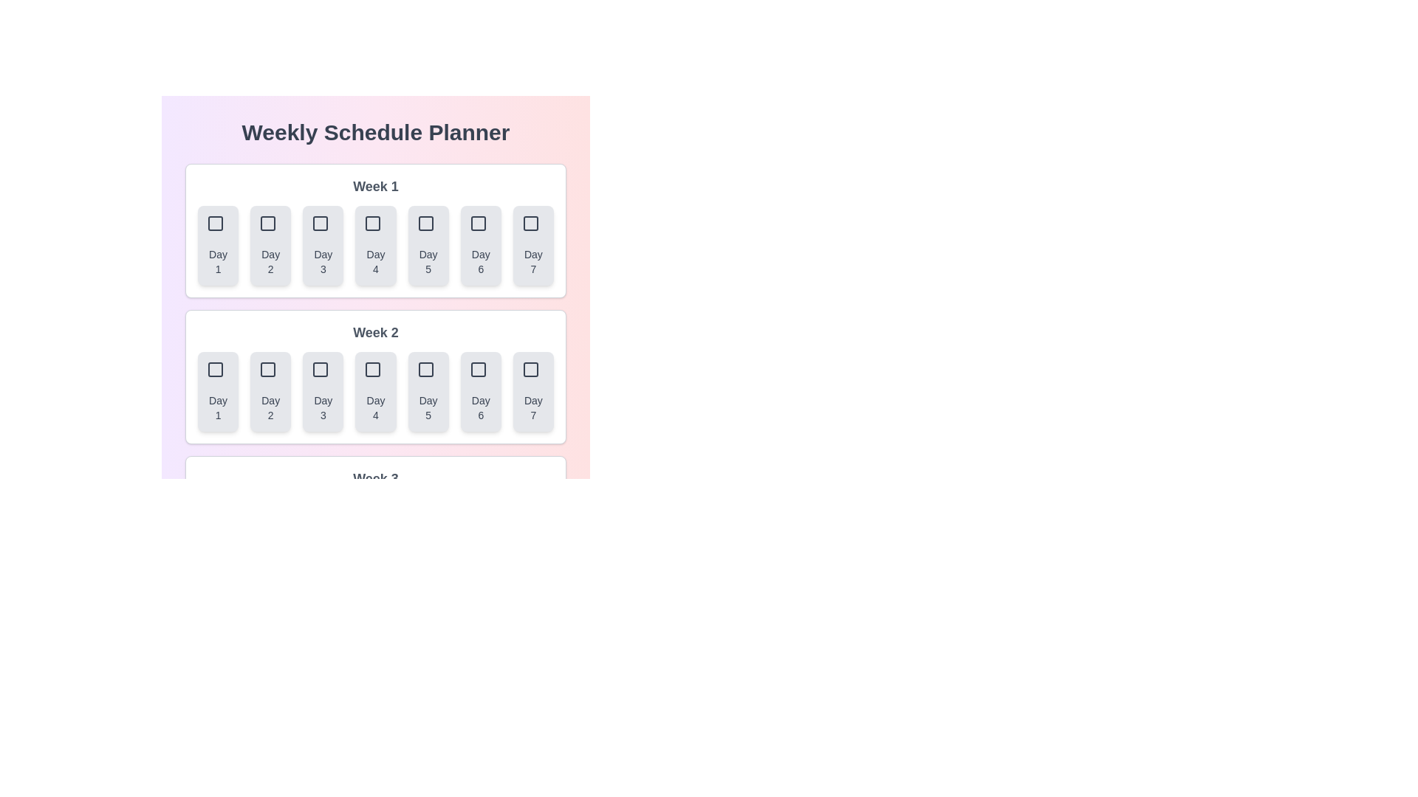 Image resolution: width=1418 pixels, height=797 pixels. Describe the element at coordinates (428, 538) in the screenshot. I see `the button corresponding to Week 3 and Day 5 to select that day` at that location.